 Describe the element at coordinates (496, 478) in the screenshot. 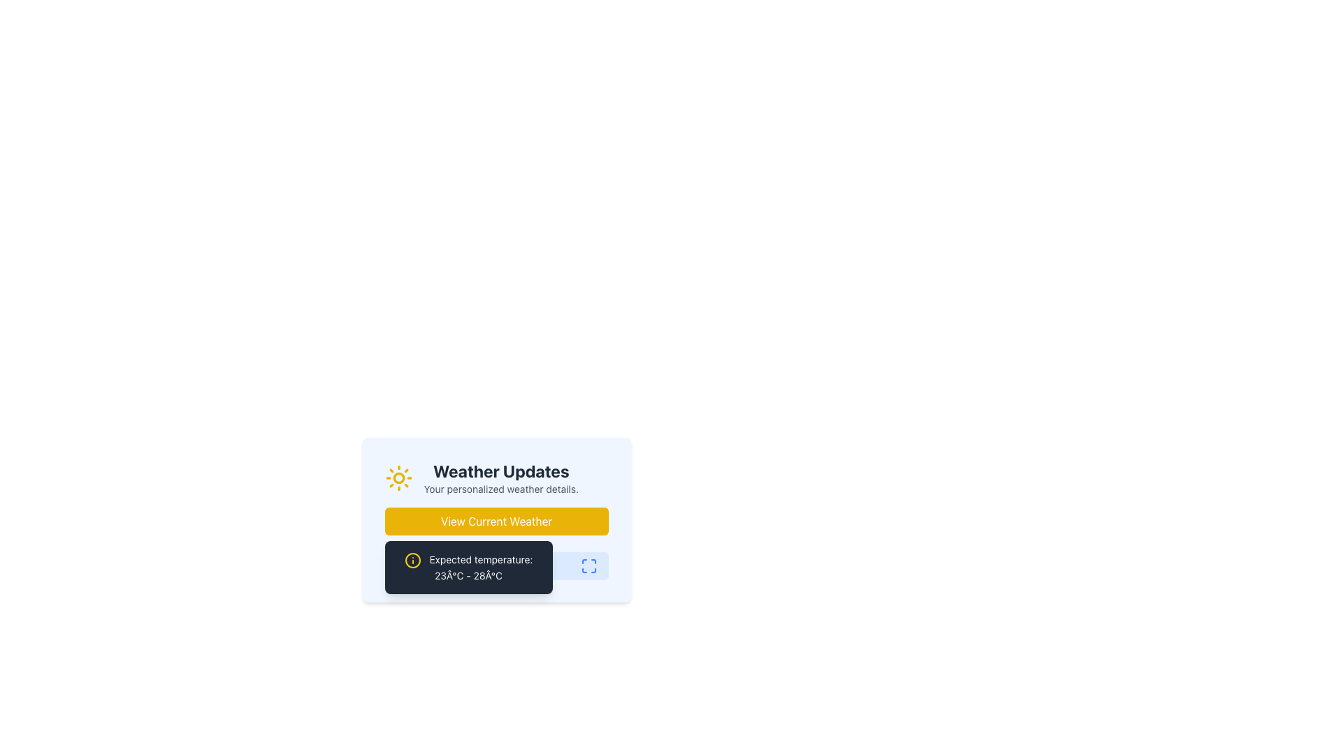

I see `the Informational Header displaying a sun icon and weather updates text, located at the top of the weather widget panel` at that location.